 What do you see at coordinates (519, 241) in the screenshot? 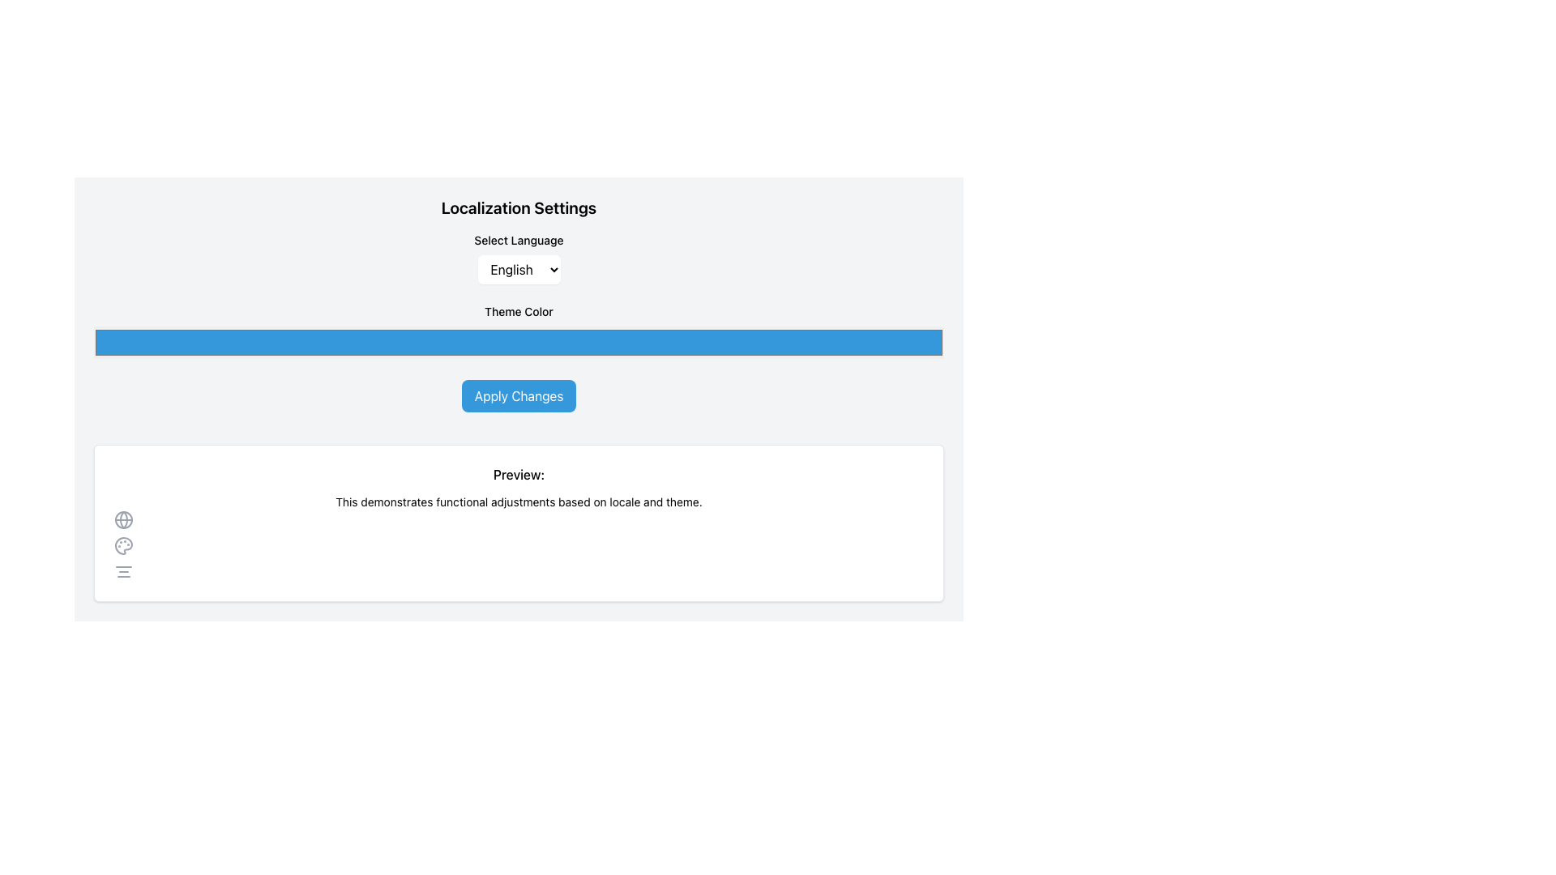
I see `the Text Label that describes the language selection field, positioned above the dropdown menu` at bounding box center [519, 241].